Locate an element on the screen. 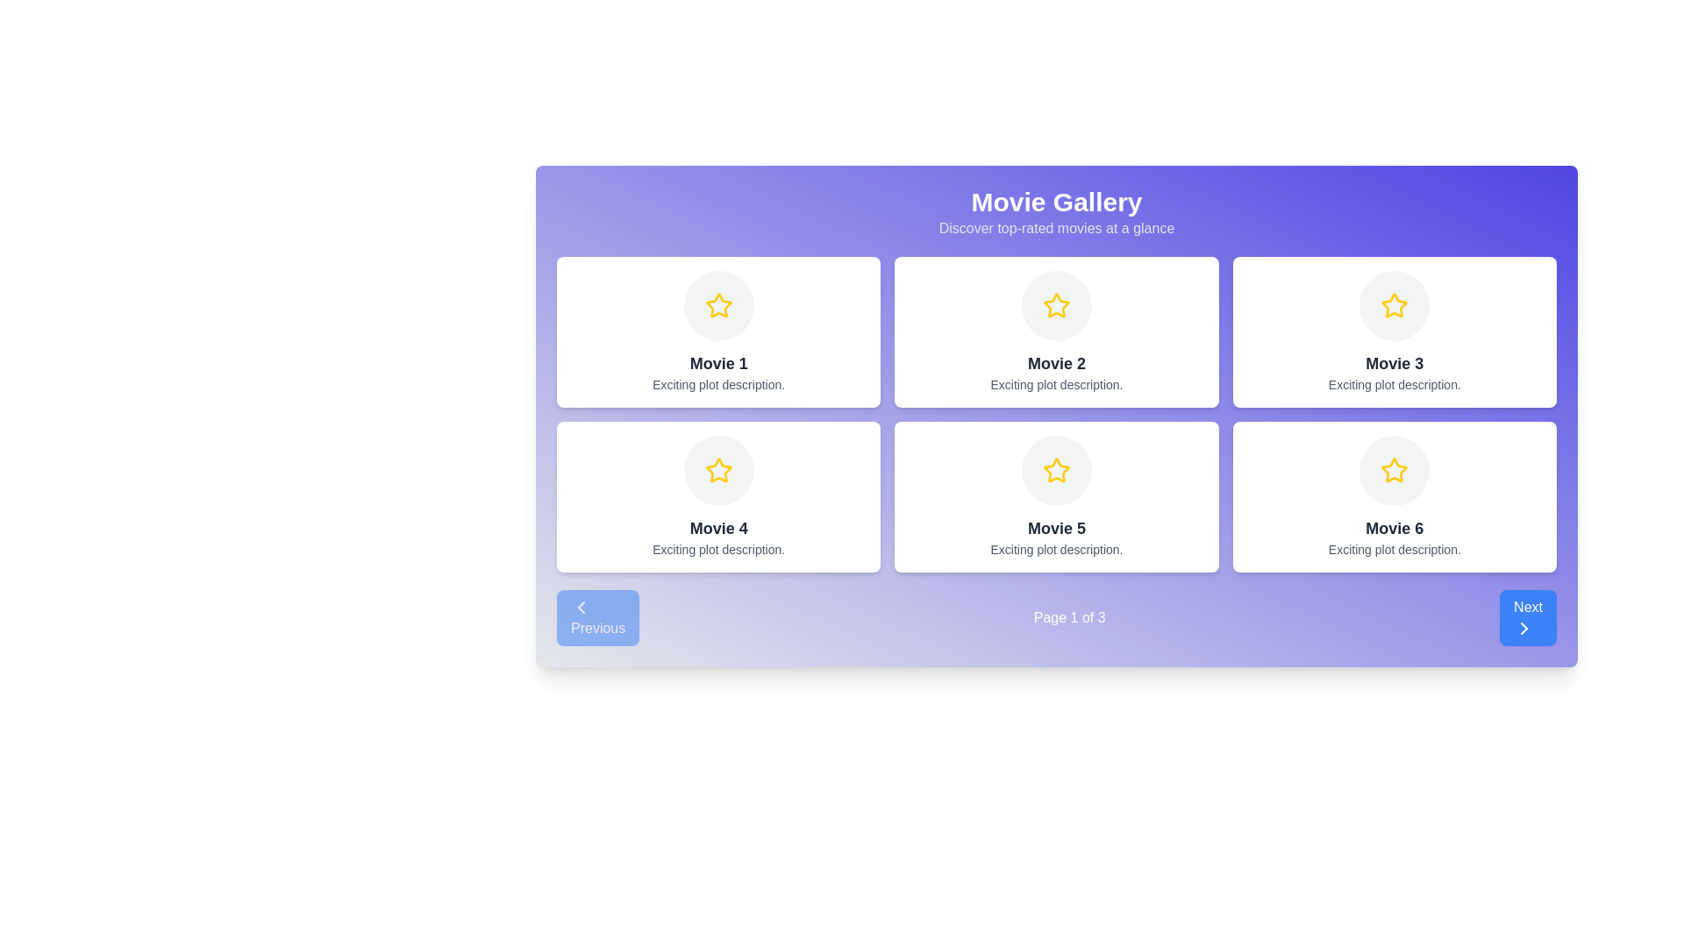 The image size is (1684, 947). the text label providing additional information about the movie depicted in the sixth card, located below the title 'Movie 6' is located at coordinates (1394, 549).